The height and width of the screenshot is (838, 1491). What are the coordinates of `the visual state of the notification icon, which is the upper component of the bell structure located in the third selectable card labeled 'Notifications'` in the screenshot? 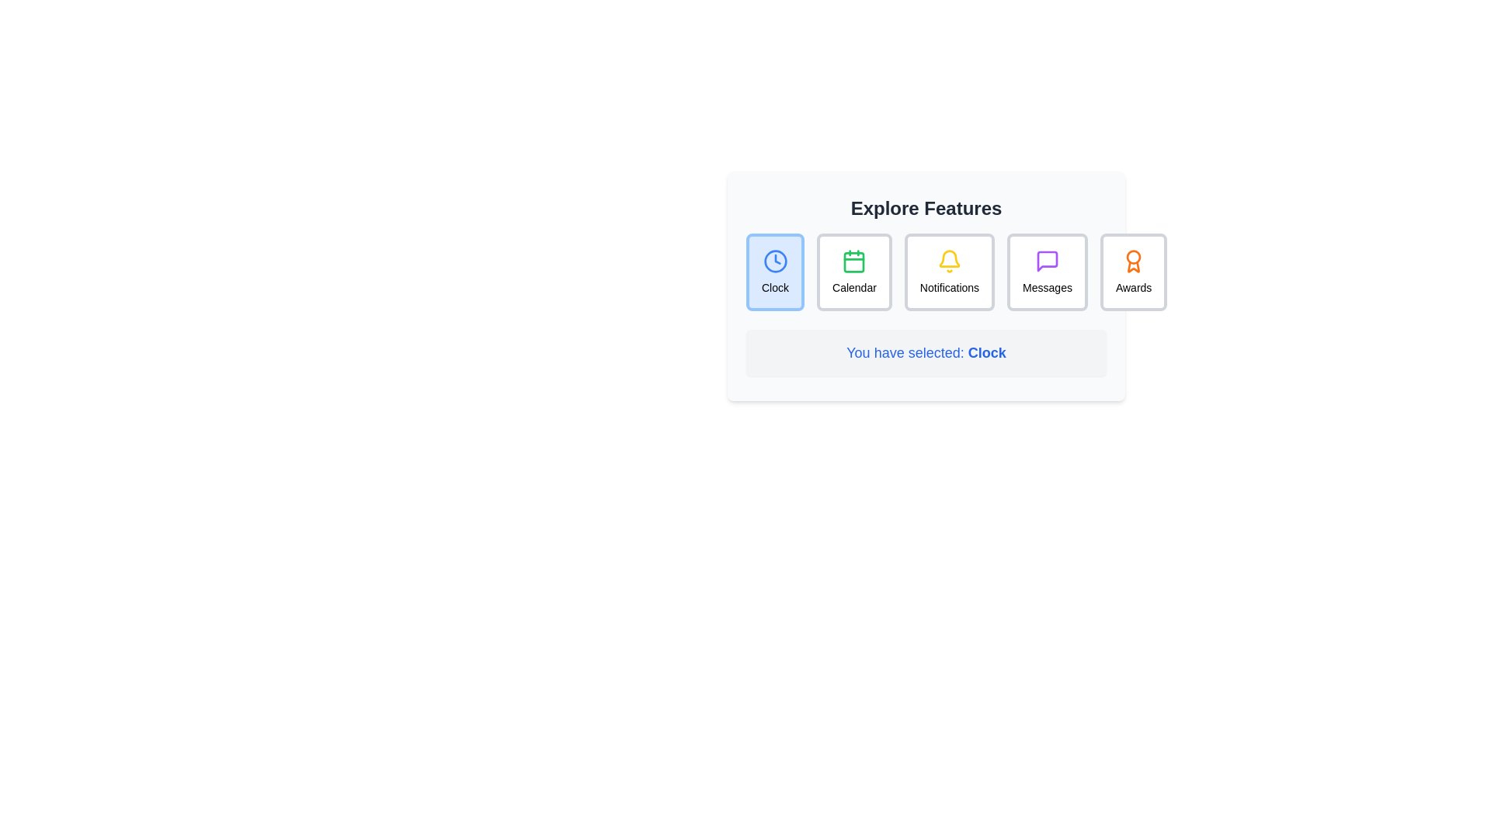 It's located at (949, 258).